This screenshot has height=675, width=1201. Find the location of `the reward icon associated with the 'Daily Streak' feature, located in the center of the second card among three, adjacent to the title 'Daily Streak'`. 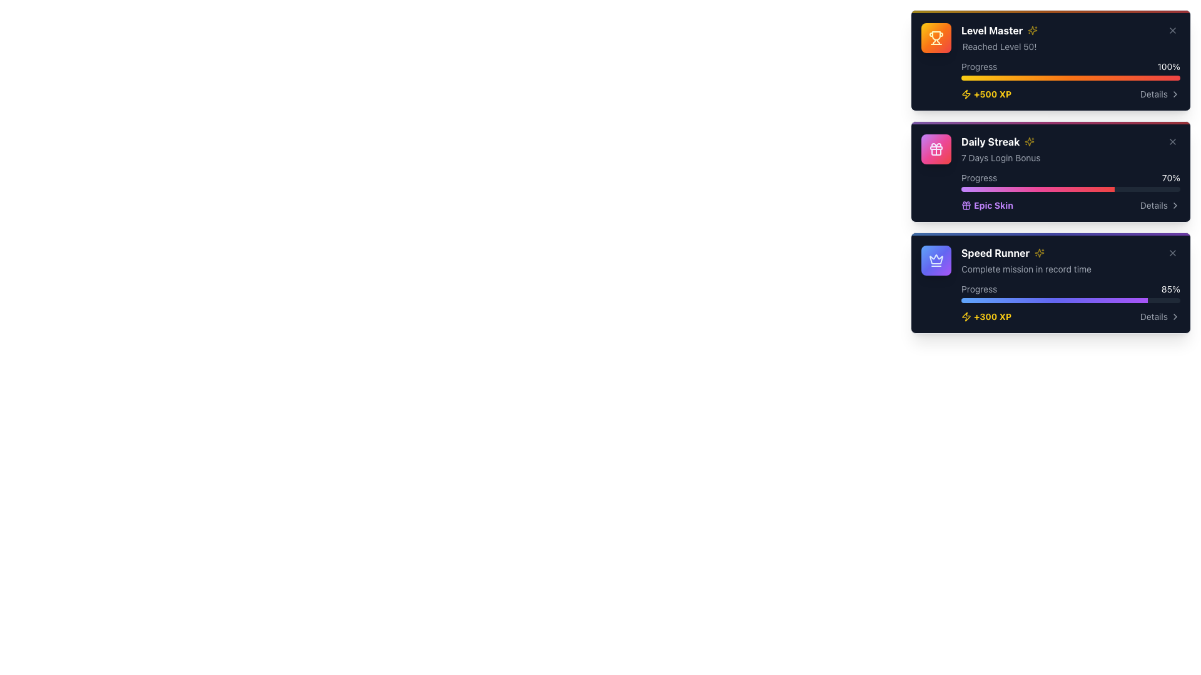

the reward icon associated with the 'Daily Streak' feature, located in the center of the second card among three, adjacent to the title 'Daily Streak' is located at coordinates (936, 149).